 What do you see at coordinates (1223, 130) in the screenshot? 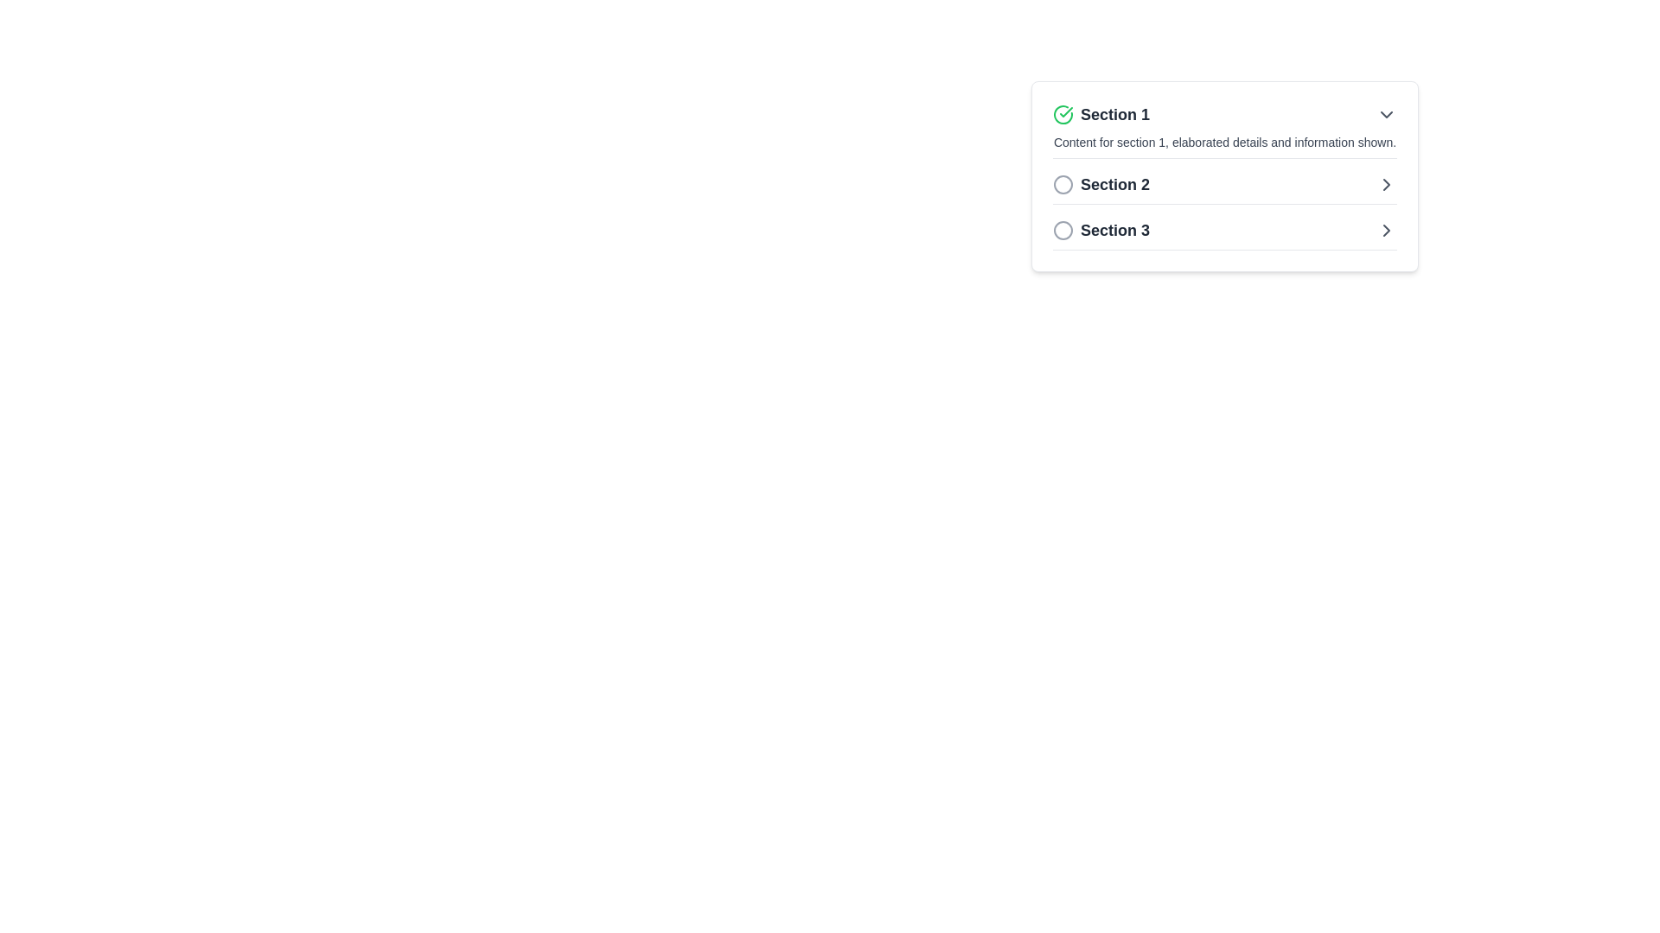
I see `the downward-facing arrow icon on the Collapsible Section Header titled 'Section 1'` at bounding box center [1223, 130].